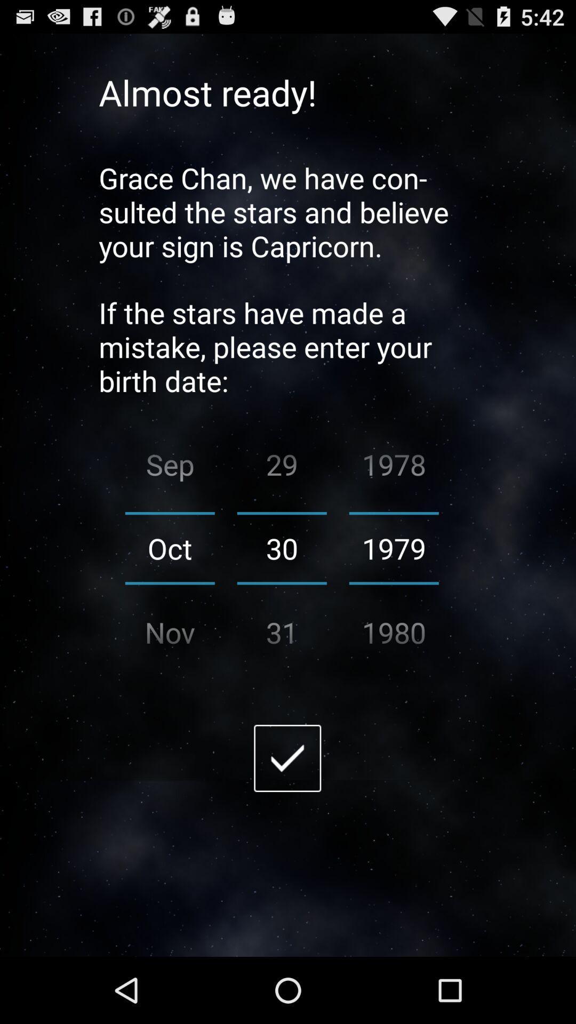  I want to click on the check icon, so click(287, 811).